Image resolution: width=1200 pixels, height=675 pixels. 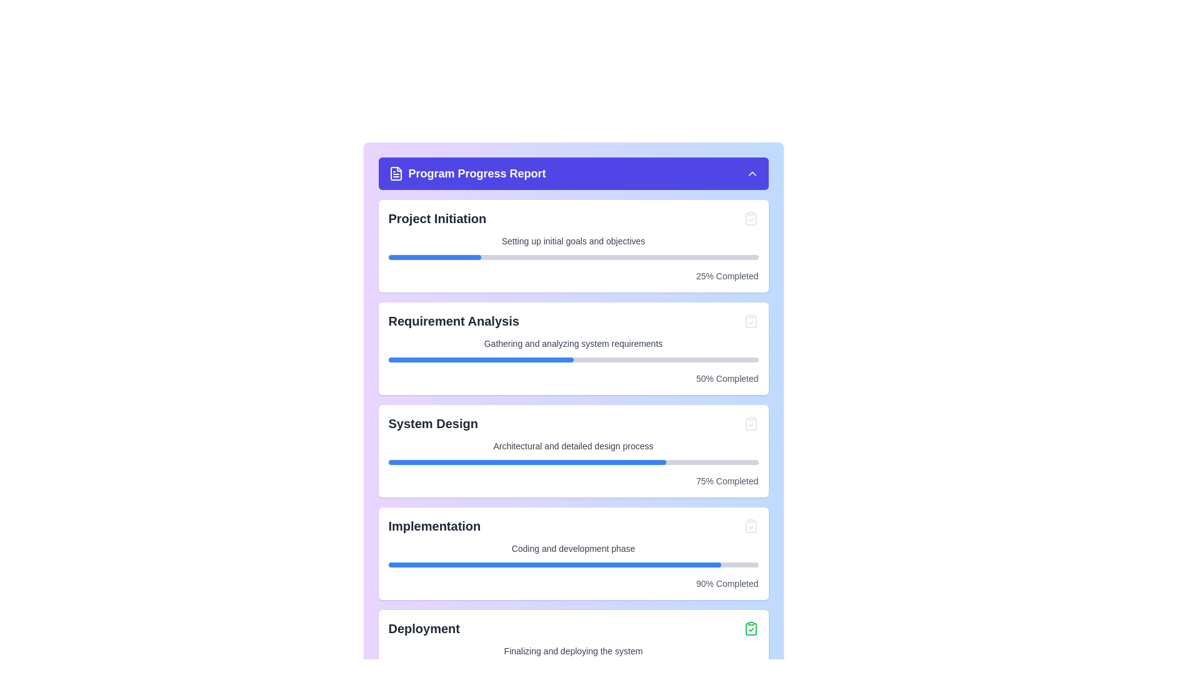 I want to click on the horizontal progress bar, which is styled with a gray background and rounded edges, to interact with it, so click(x=572, y=359).